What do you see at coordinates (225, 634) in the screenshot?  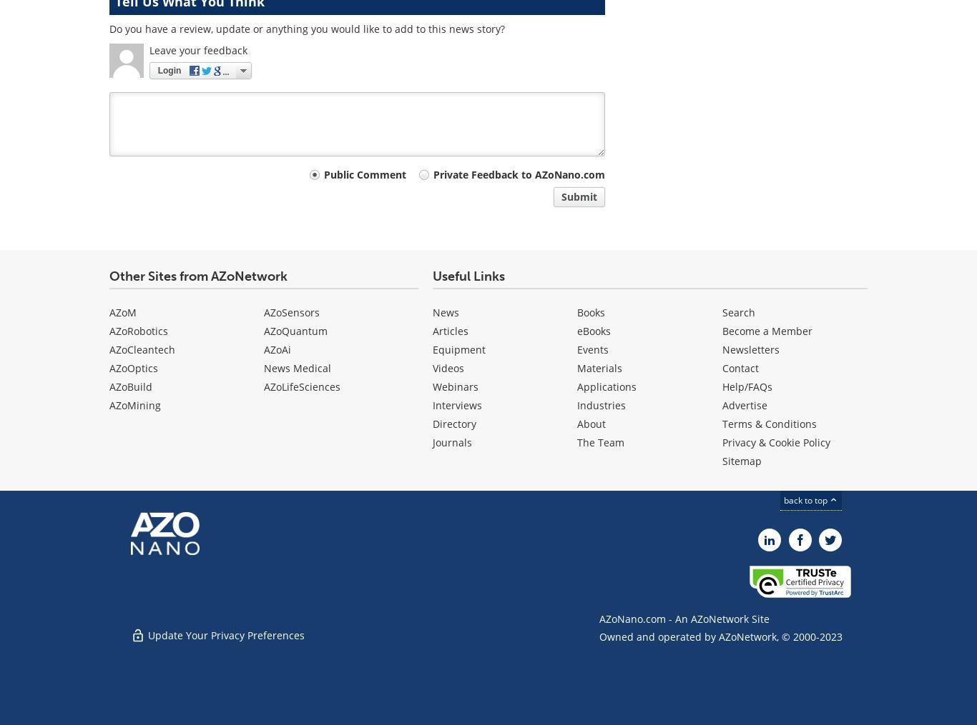 I see `'Update Your Privacy Preferences'` at bounding box center [225, 634].